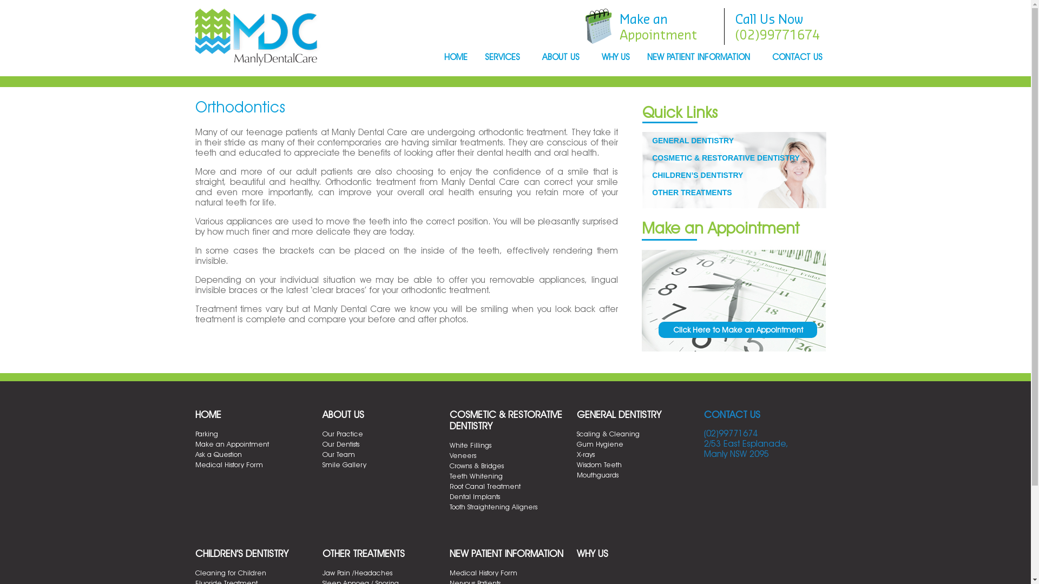 This screenshot has width=1039, height=584. Describe the element at coordinates (585, 454) in the screenshot. I see `'X-rays'` at that location.